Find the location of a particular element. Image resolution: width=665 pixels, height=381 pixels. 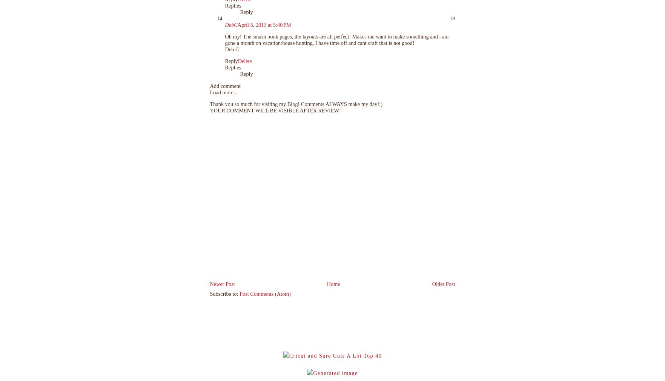

'Post Comments (Atom)' is located at coordinates (265, 293).